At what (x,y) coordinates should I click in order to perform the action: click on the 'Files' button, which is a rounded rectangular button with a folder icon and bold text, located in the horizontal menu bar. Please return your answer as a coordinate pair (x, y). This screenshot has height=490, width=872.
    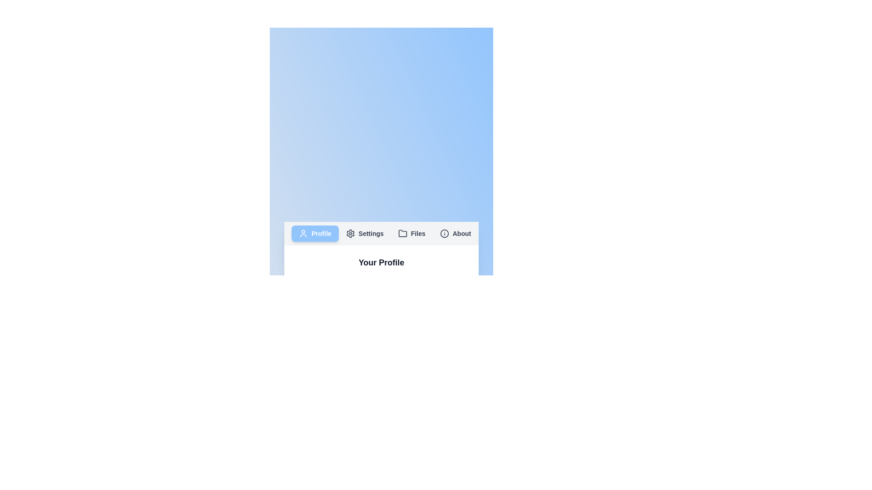
    Looking at the image, I should click on (411, 233).